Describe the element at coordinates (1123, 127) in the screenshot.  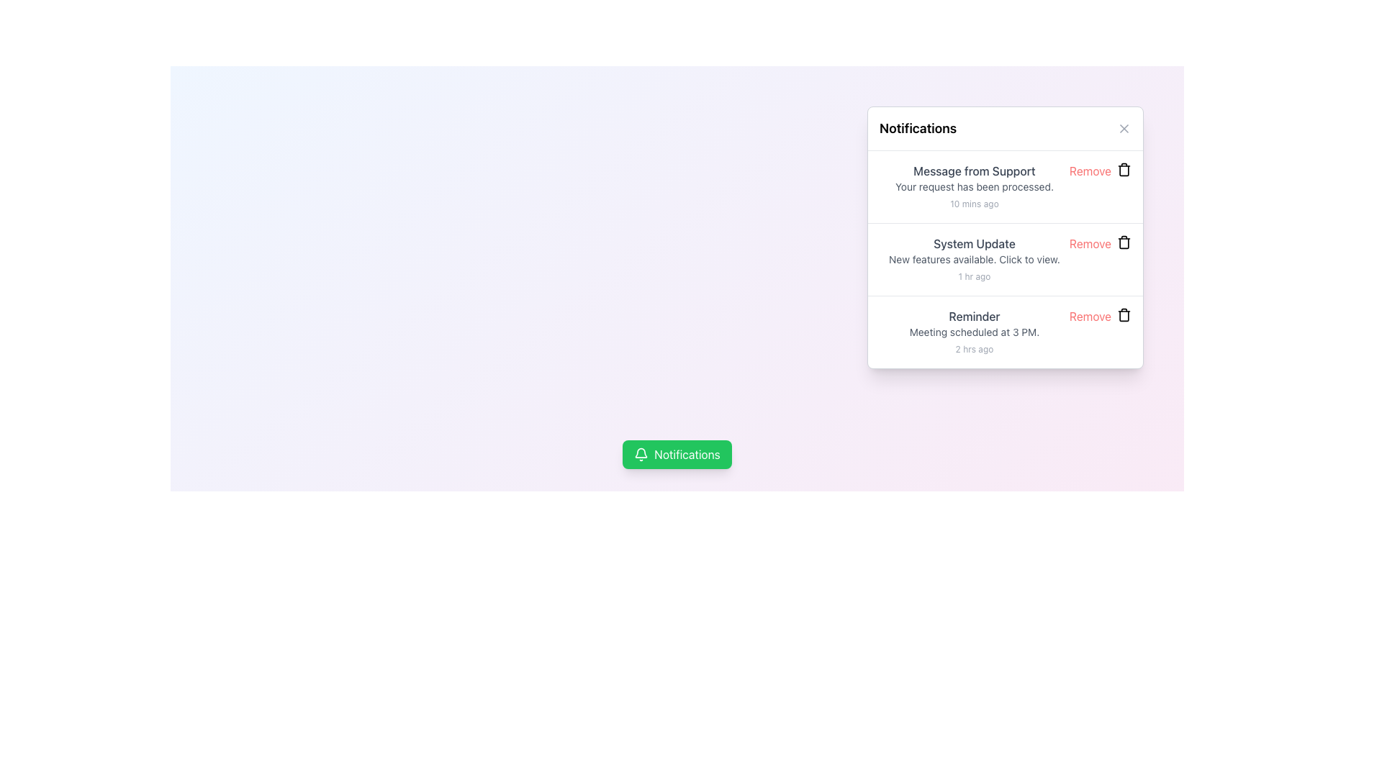
I see `the close button located at the far-right side of the 'Notifications' panel header` at that location.